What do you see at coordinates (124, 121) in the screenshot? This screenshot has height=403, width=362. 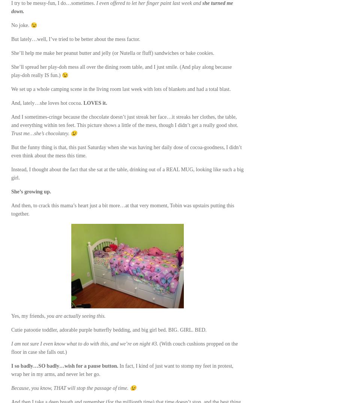 I see `'And I sometimes-cringe because the chocolate doesn’t just streak her face…it streaks her clothes, the table, and everything within ten feet. This picture shows a little of the mess, though I didn’t get a really good shot.'` at bounding box center [124, 121].